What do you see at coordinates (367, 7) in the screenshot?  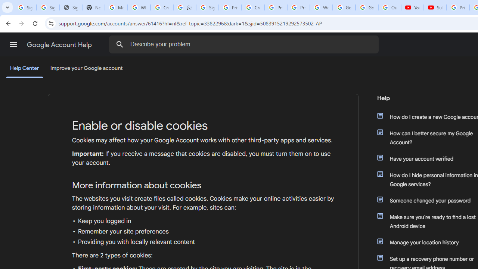 I see `'Google Account'` at bounding box center [367, 7].